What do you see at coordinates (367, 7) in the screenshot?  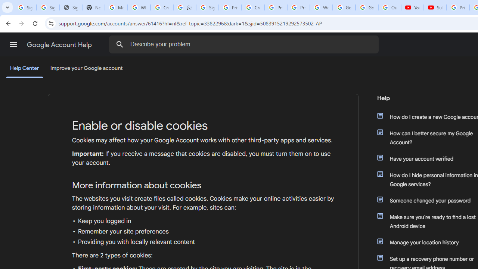 I see `'Google Account'` at bounding box center [367, 7].